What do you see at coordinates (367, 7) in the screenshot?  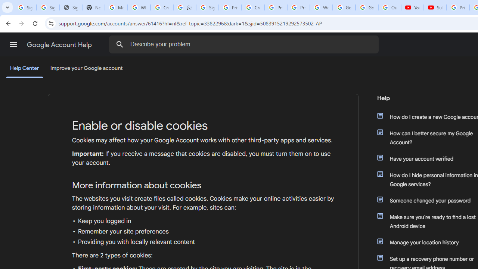 I see `'Google Account'` at bounding box center [367, 7].